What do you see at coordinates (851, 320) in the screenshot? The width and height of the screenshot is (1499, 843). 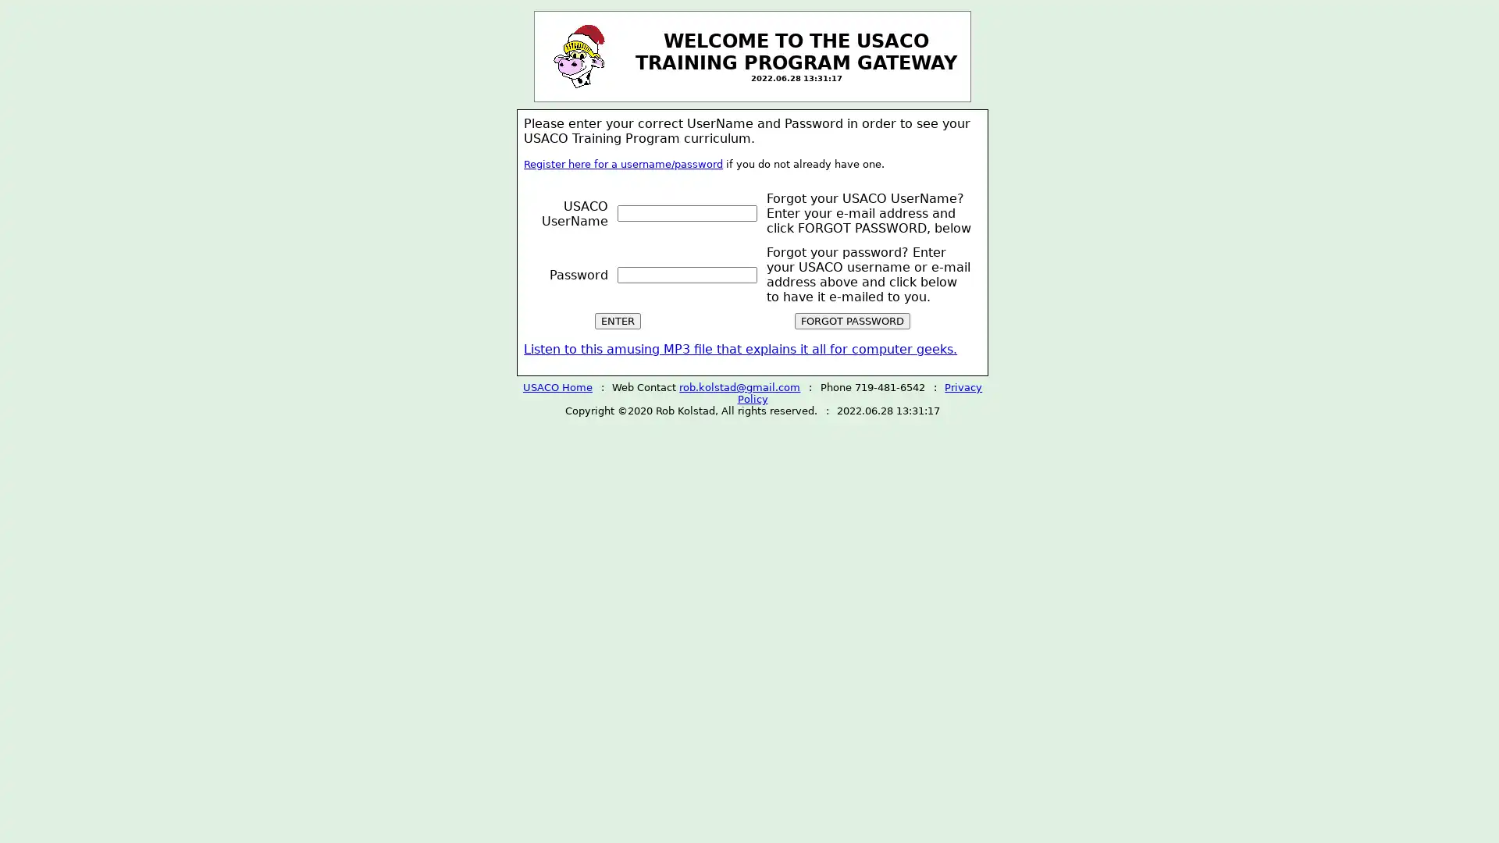 I see `FORGOT PASSWORD` at bounding box center [851, 320].